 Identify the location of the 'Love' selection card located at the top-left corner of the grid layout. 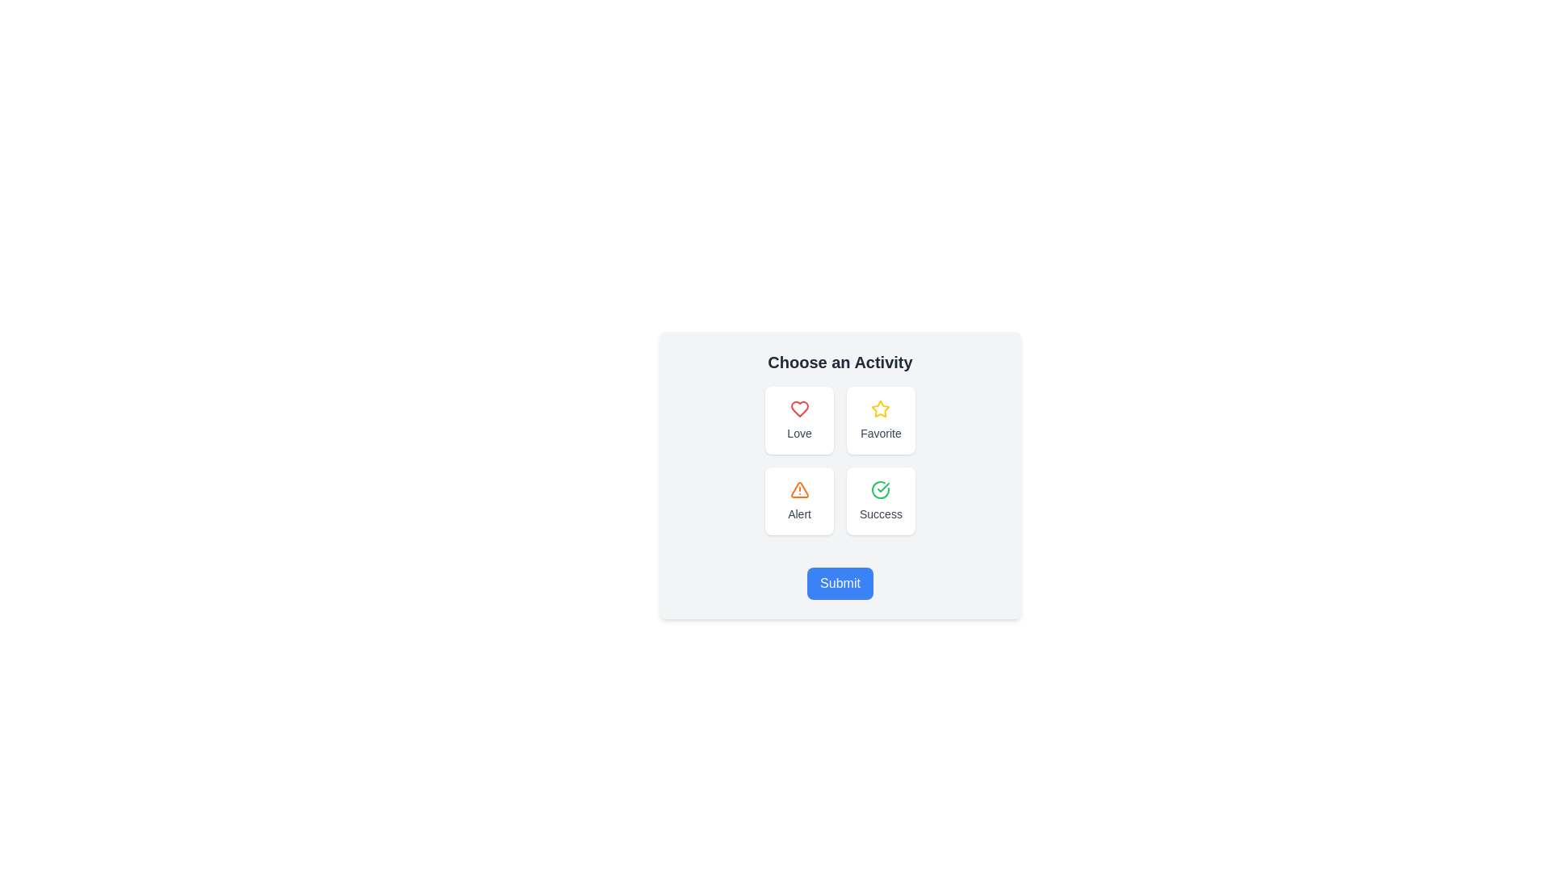
(799, 419).